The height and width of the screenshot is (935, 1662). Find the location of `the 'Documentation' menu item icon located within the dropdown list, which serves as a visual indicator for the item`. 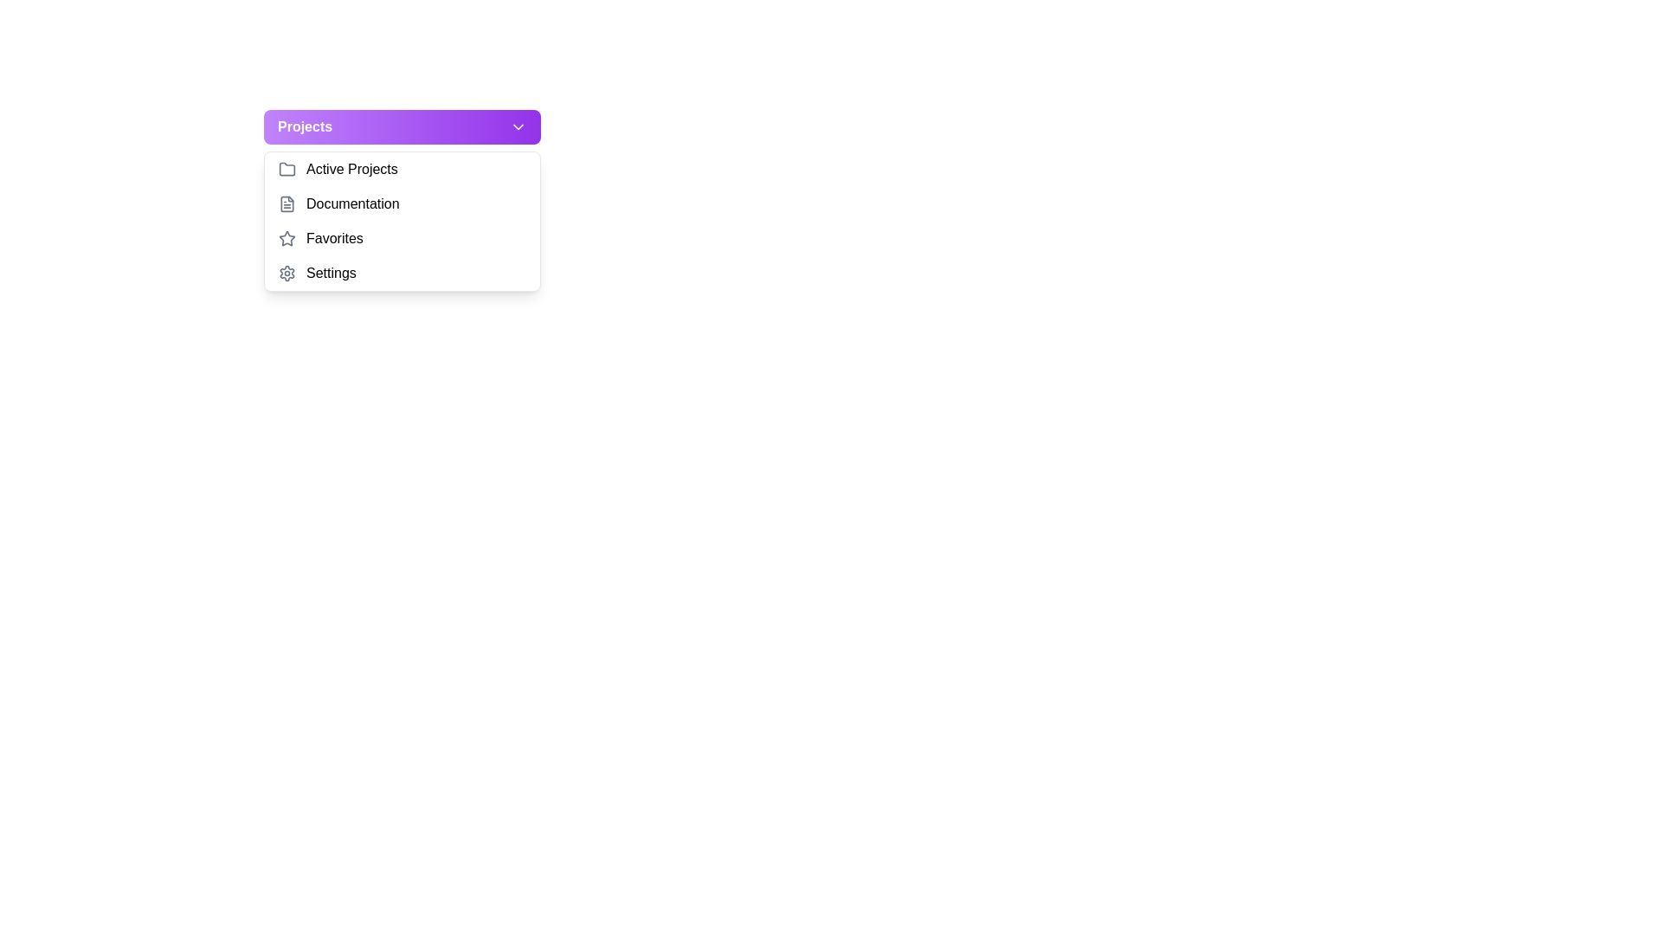

the 'Documentation' menu item icon located within the dropdown list, which serves as a visual indicator for the item is located at coordinates (287, 203).